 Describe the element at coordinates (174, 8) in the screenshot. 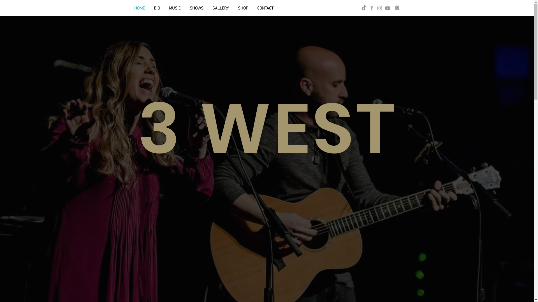

I see `'MUSIC'` at that location.